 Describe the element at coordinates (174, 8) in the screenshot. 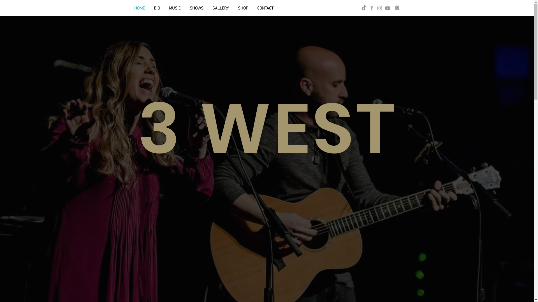

I see `'MUSIC'` at that location.